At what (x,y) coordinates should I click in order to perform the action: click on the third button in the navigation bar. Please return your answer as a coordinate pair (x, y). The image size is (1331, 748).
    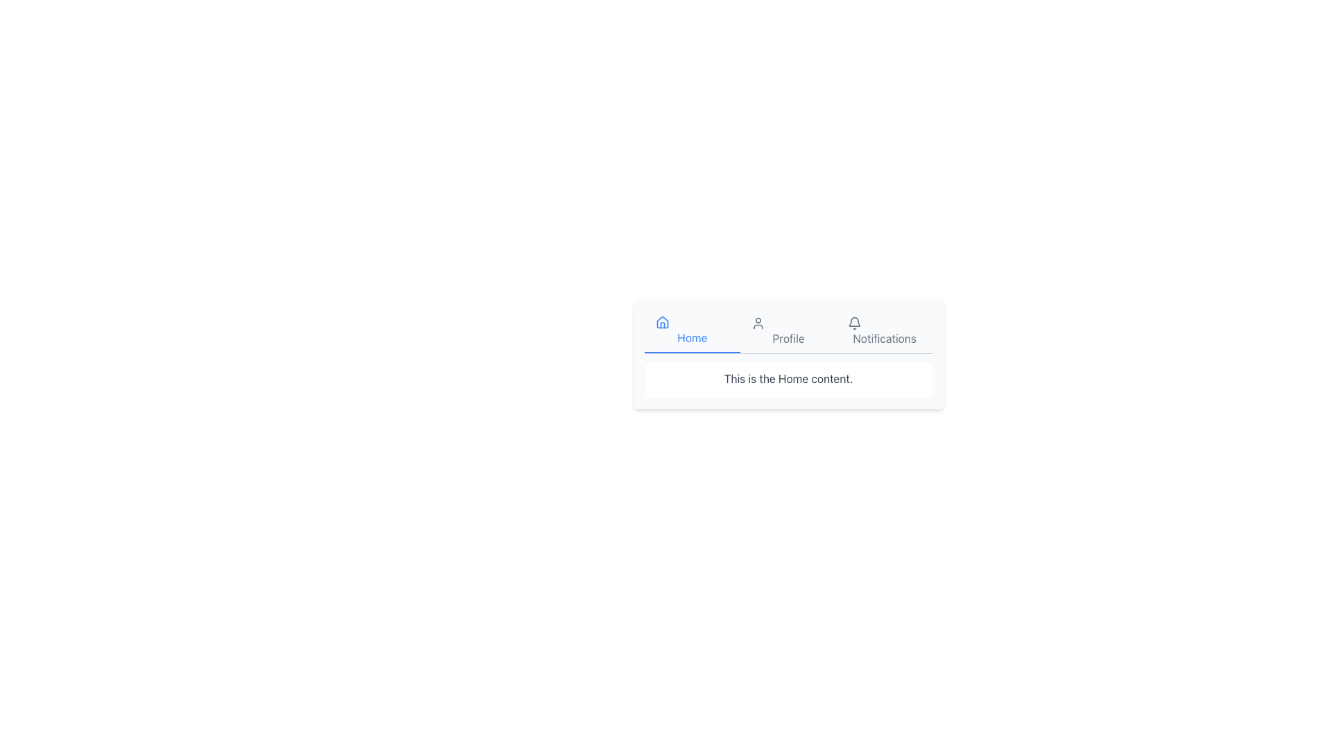
    Looking at the image, I should click on (884, 331).